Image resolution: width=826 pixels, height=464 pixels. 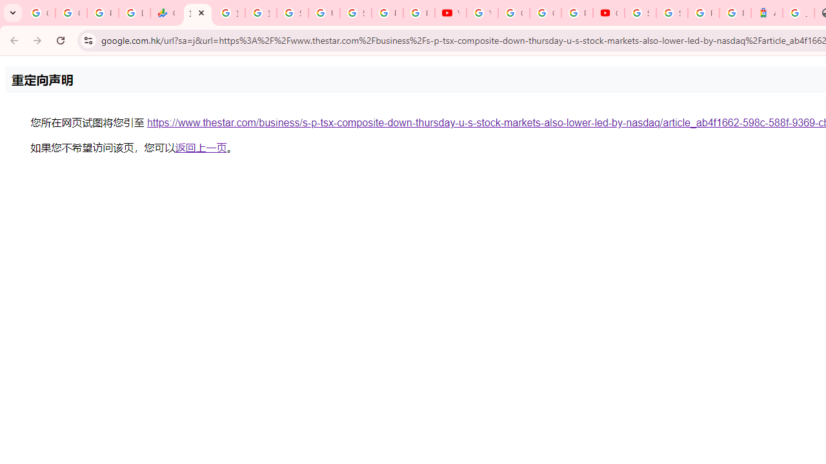 What do you see at coordinates (39, 13) in the screenshot?
I see `'Google Workspace Admin Community'` at bounding box center [39, 13].